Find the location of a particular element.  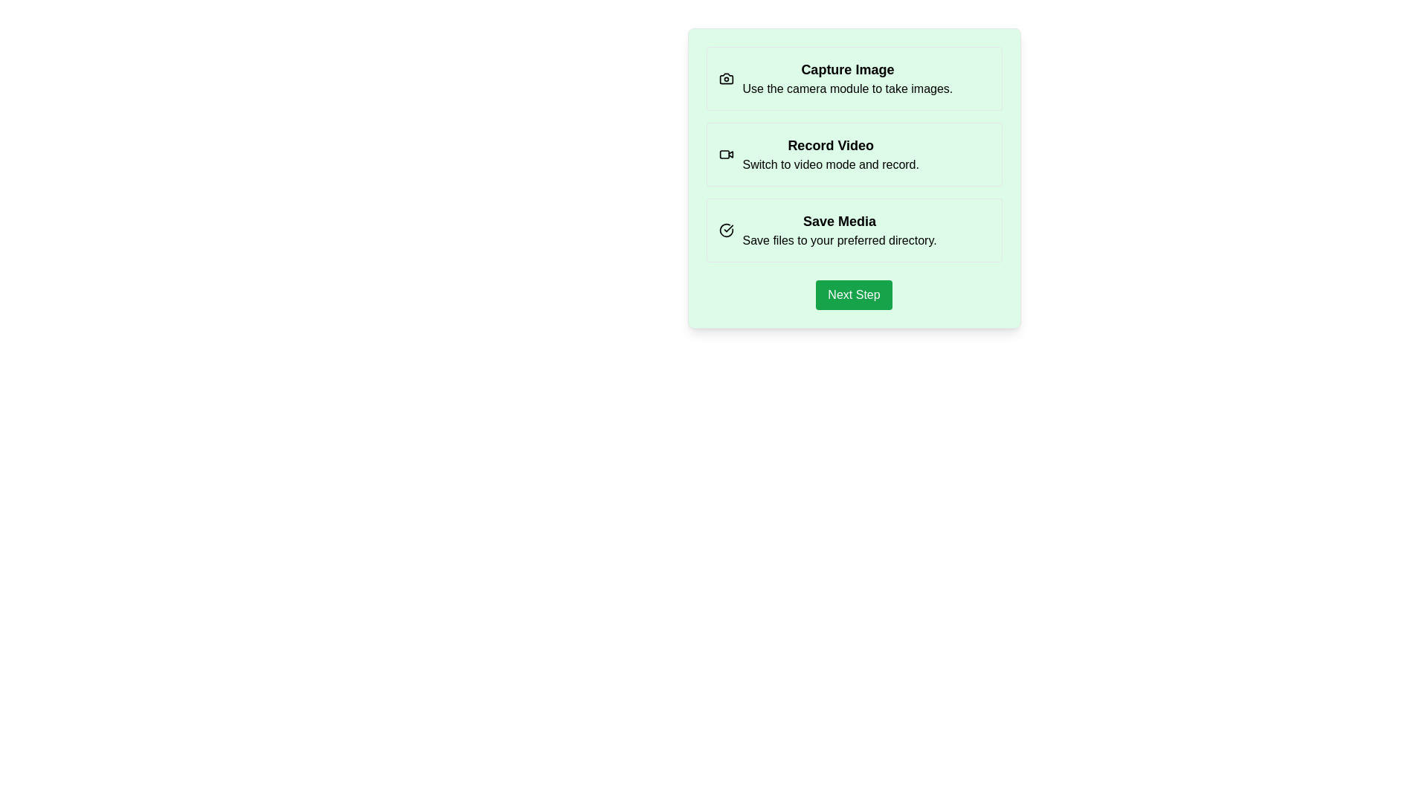

the 'Record Video' text label which describes the associated functionality within the interface is located at coordinates (830, 146).